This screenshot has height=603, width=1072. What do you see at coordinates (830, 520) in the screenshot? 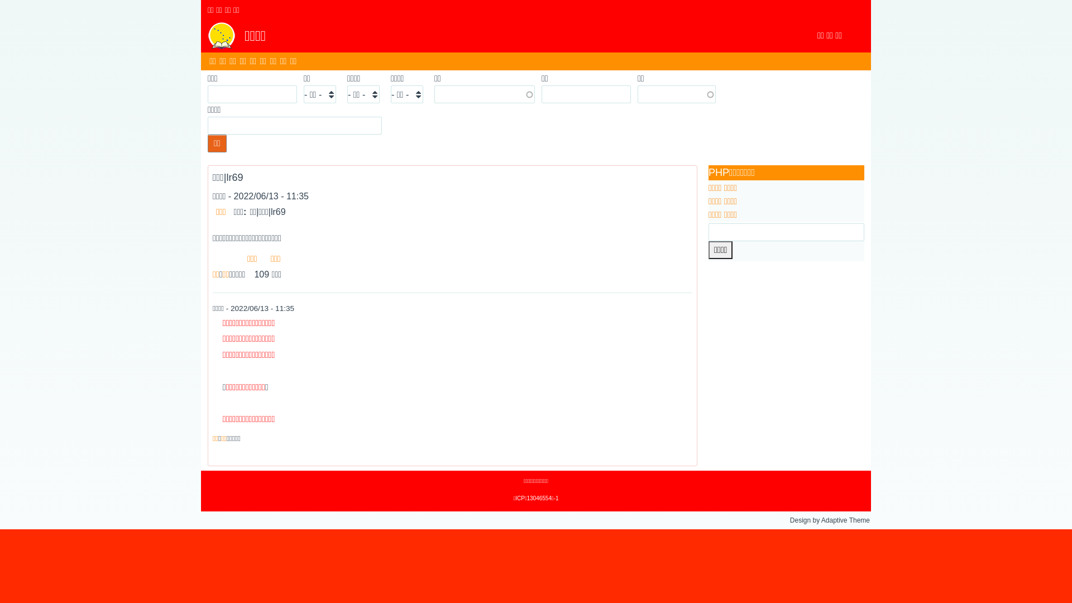
I see `'Design by Adaptive Theme'` at bounding box center [830, 520].